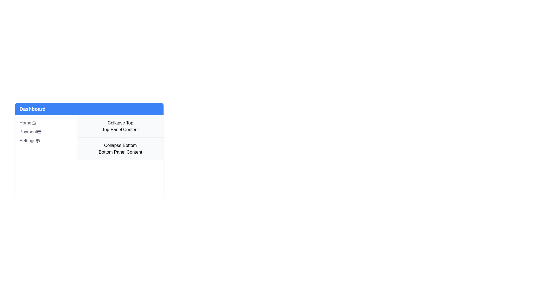 Image resolution: width=534 pixels, height=300 pixels. I want to click on the collapsible panels in the 'Dashboard' composite panel widget to expand or collapse the contained content, so click(89, 147).